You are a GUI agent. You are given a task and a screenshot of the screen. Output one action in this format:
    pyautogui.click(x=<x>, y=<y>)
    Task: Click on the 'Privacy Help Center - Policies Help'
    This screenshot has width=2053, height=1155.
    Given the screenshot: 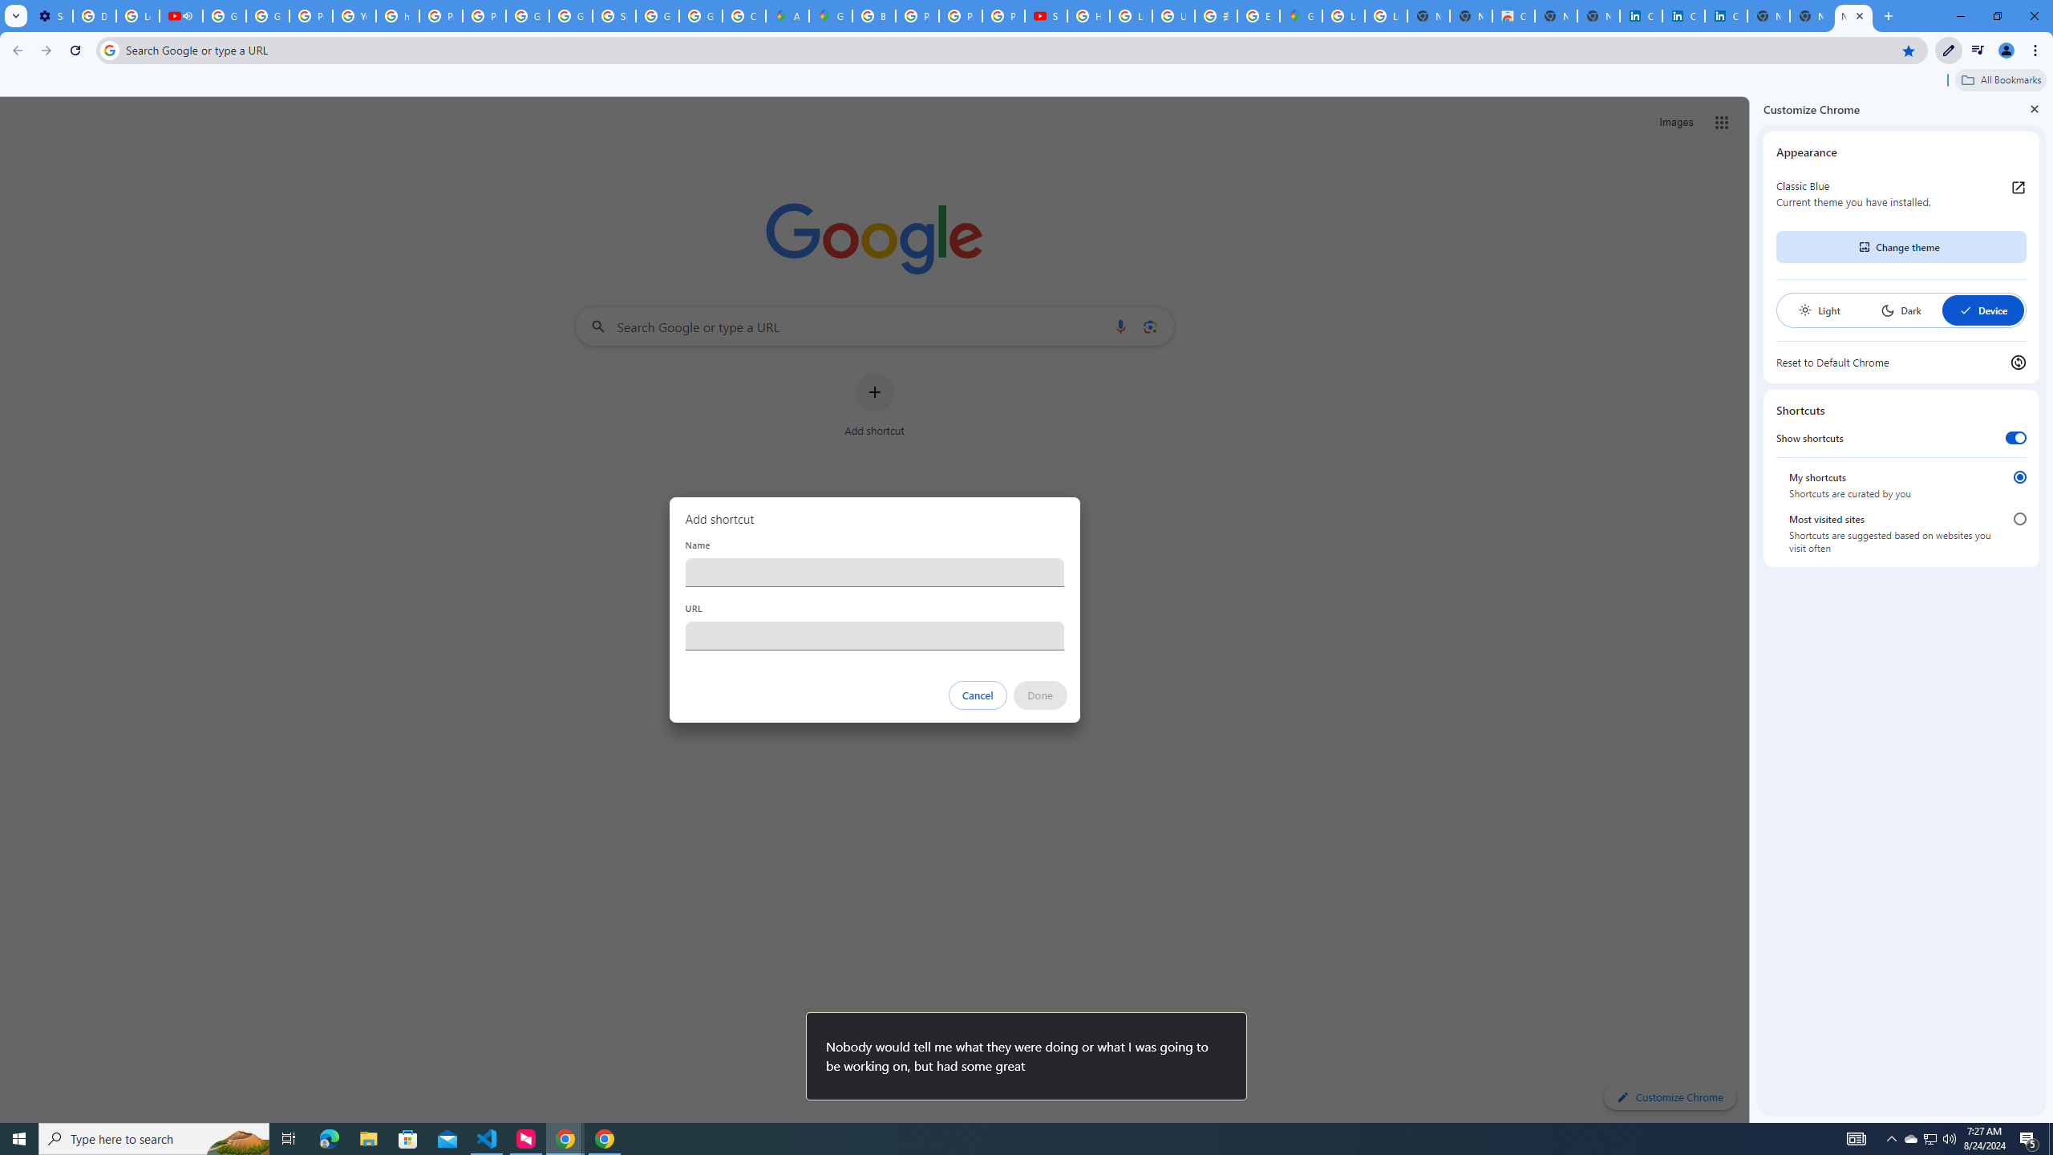 What is the action you would take?
    pyautogui.click(x=961, y=15)
    